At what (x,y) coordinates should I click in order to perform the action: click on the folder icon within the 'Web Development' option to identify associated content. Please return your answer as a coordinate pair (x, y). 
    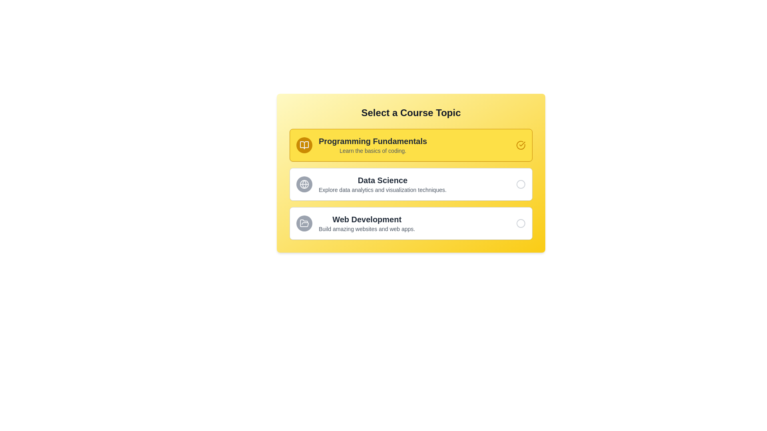
    Looking at the image, I should click on (304, 223).